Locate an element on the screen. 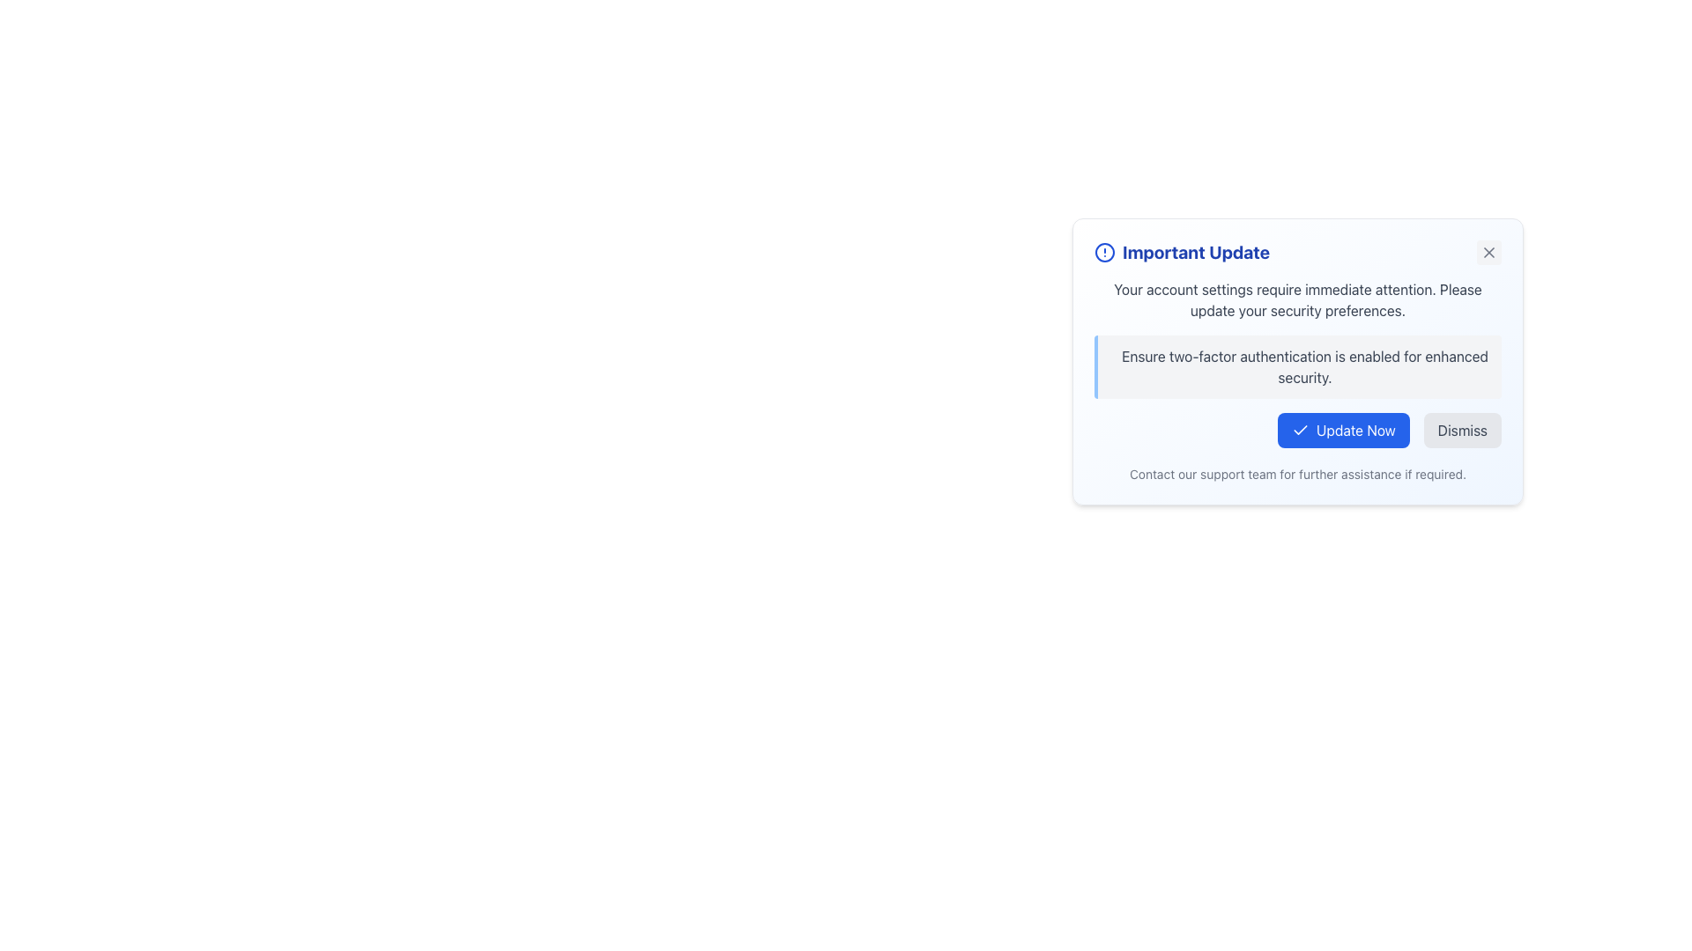 The image size is (1692, 951). the circular icon with a blue outline located to the left of the bold text 'Important Update' in the header of the notification card is located at coordinates (1103, 252).